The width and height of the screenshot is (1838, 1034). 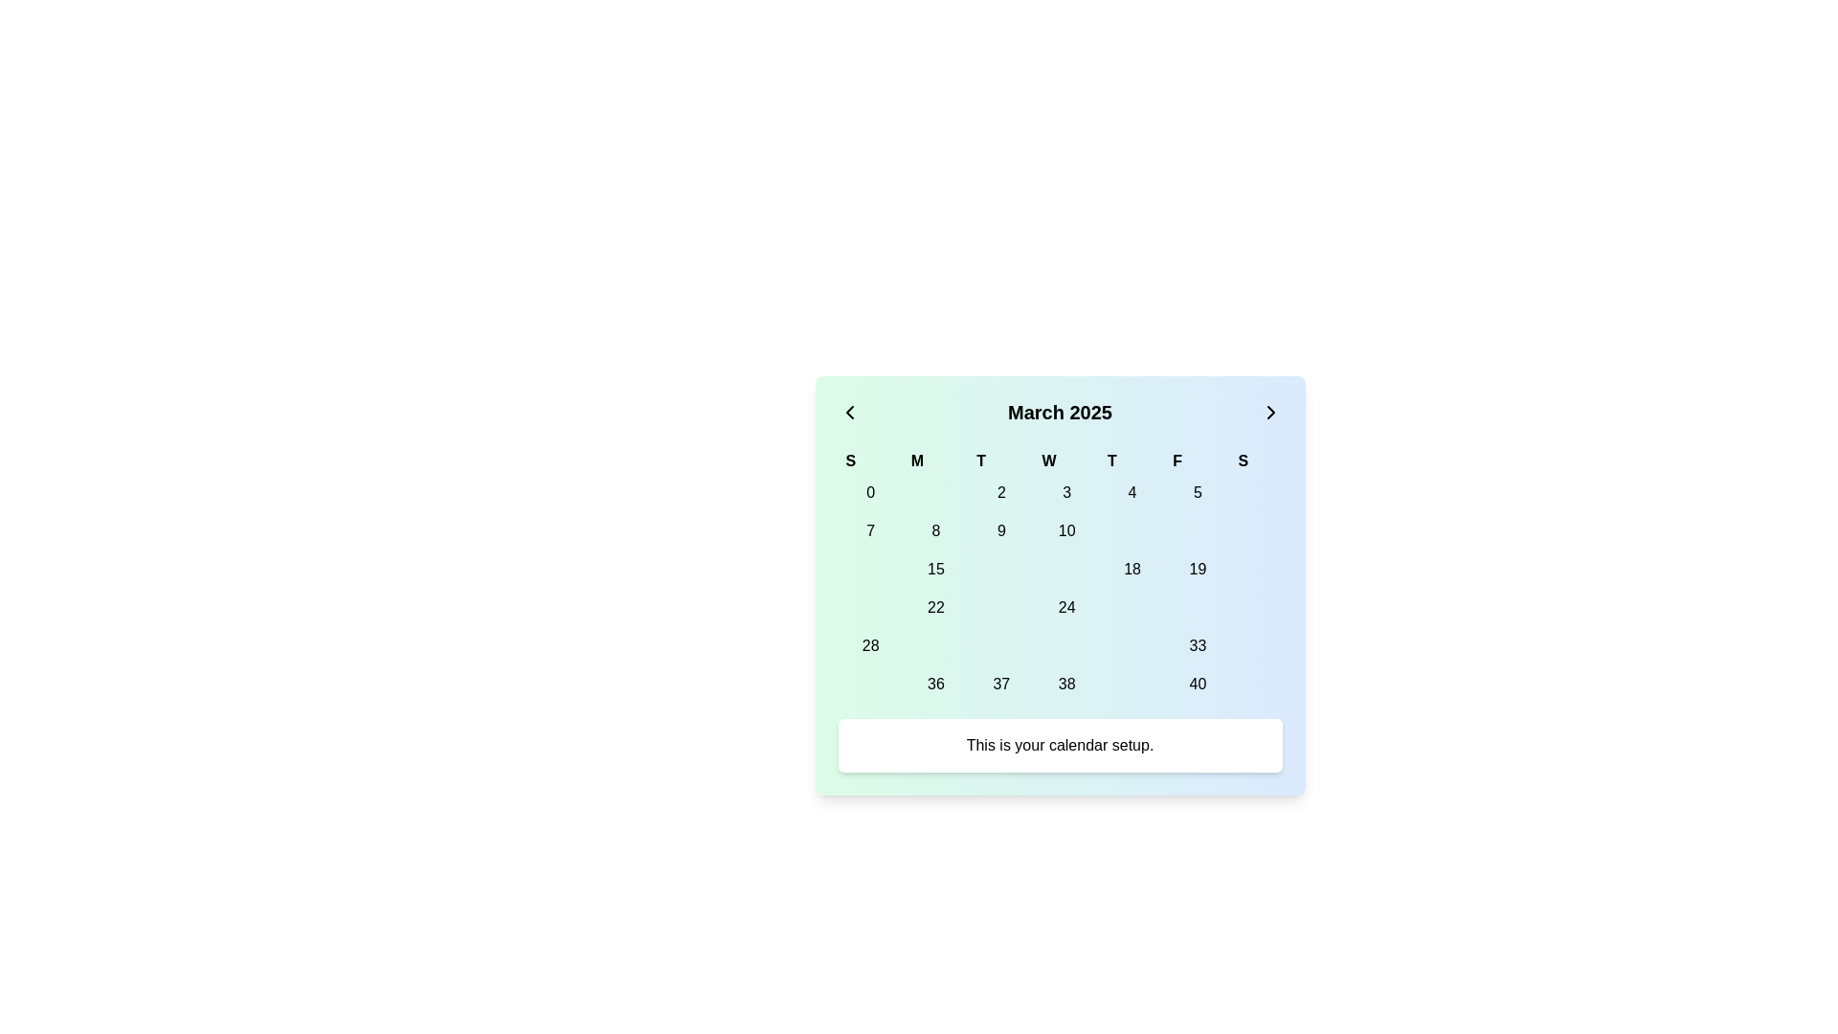 I want to click on the text display element showing the digit '3' in the calendar layout for March 2025, so click(x=1065, y=492).